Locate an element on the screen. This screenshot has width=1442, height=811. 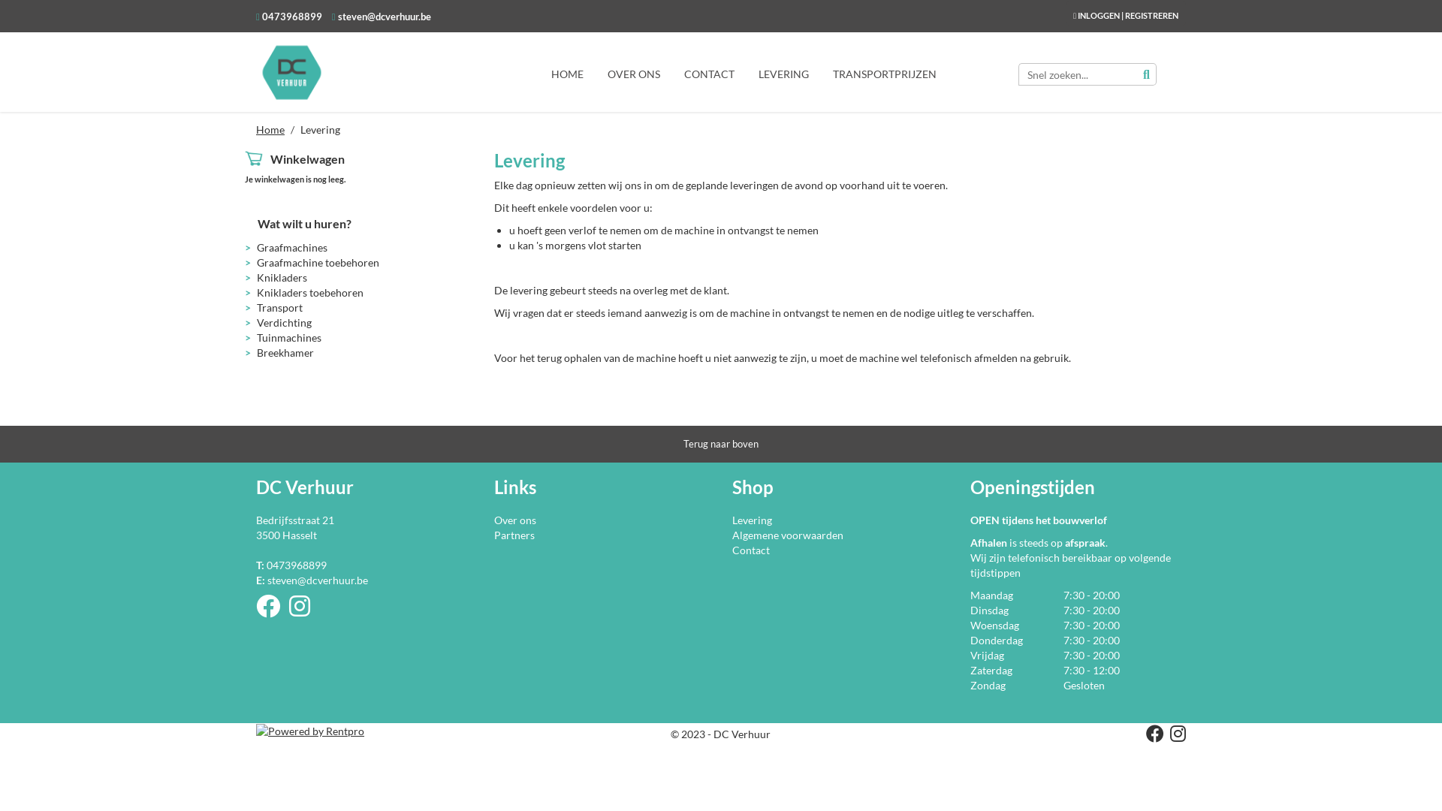
'OVER ONS' is located at coordinates (634, 73).